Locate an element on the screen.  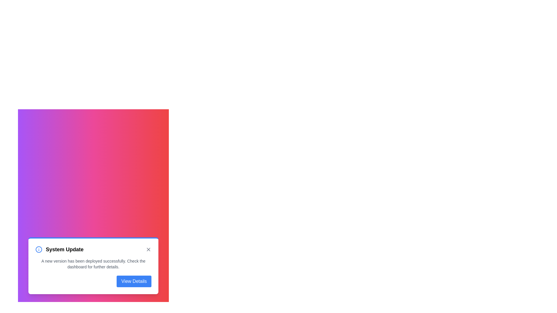
the 'View Details' button with rounded corners and a blue background in the 'System Update' dialog box is located at coordinates (134, 281).